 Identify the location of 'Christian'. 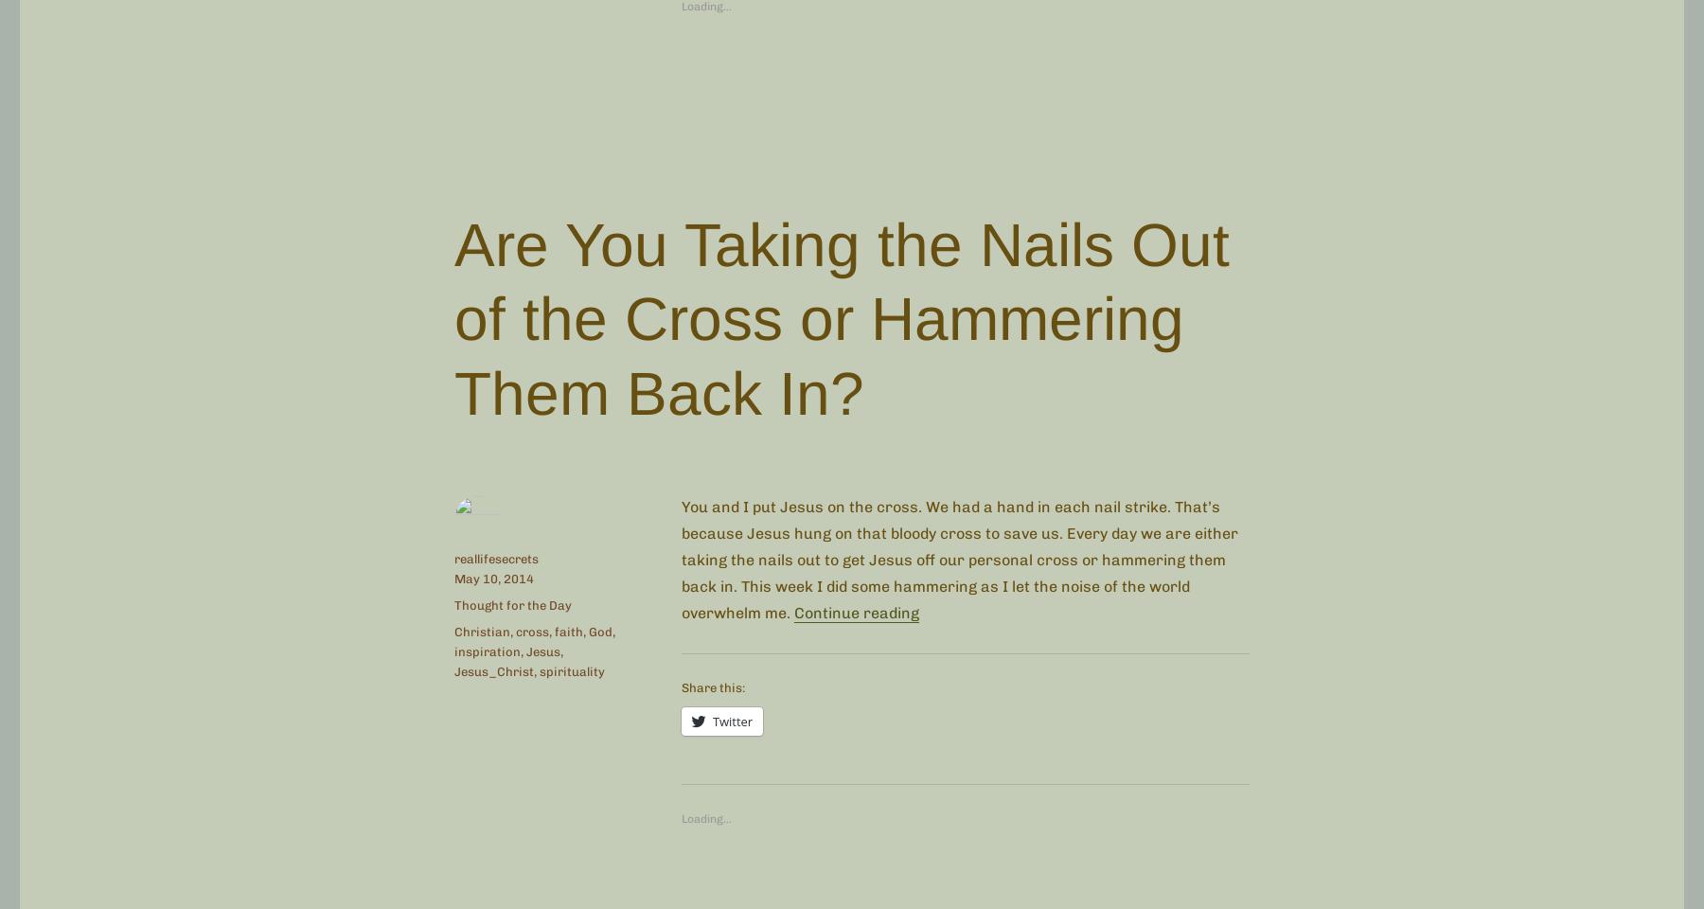
(481, 632).